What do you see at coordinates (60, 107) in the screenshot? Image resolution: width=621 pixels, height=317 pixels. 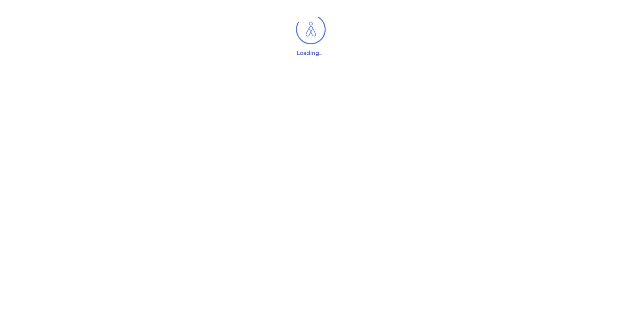 I see `'Company Type'` at bounding box center [60, 107].